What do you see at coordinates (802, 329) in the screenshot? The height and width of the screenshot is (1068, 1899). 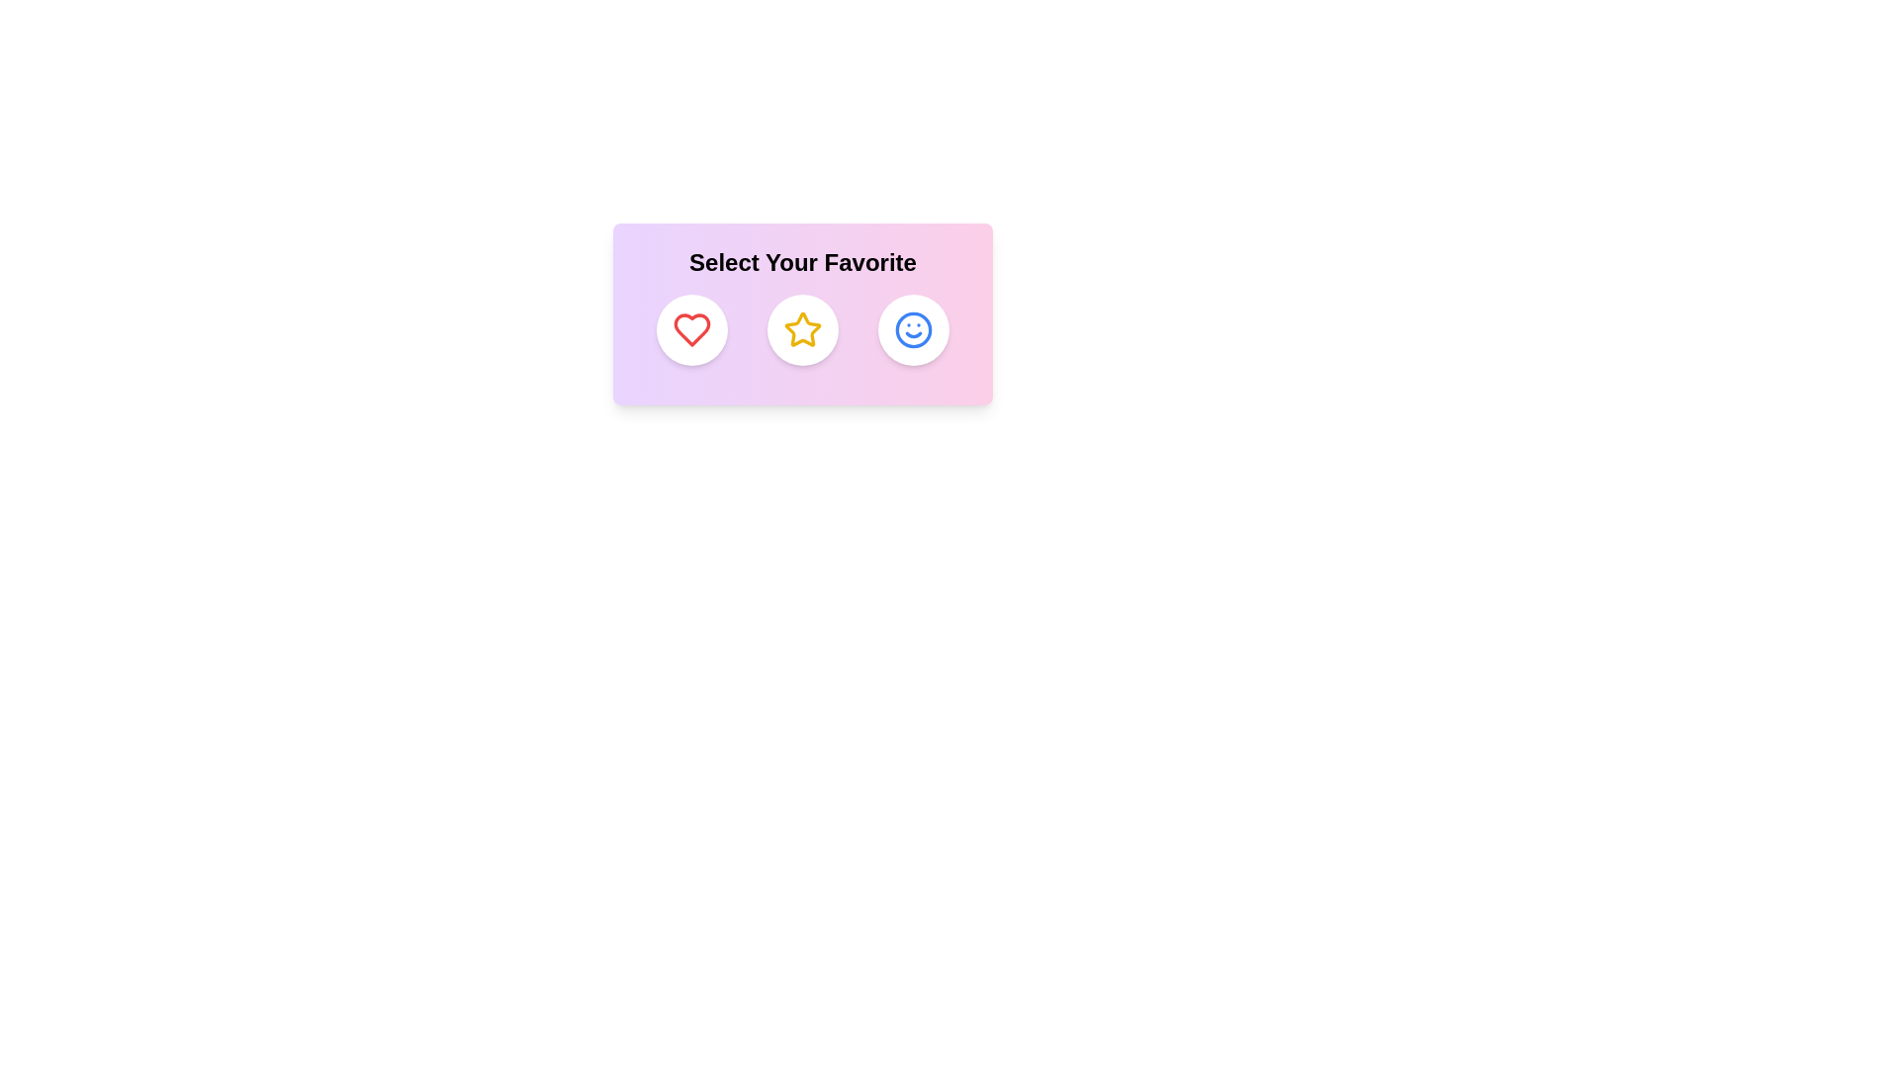 I see `the favorite option by clicking on the Star button` at bounding box center [802, 329].